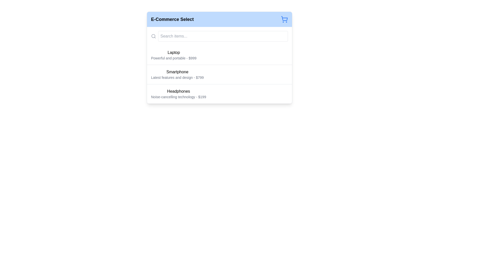  What do you see at coordinates (177, 75) in the screenshot?
I see `the 'Smartphone' list item in the 'E-Commerce Select' dropdown menu` at bounding box center [177, 75].